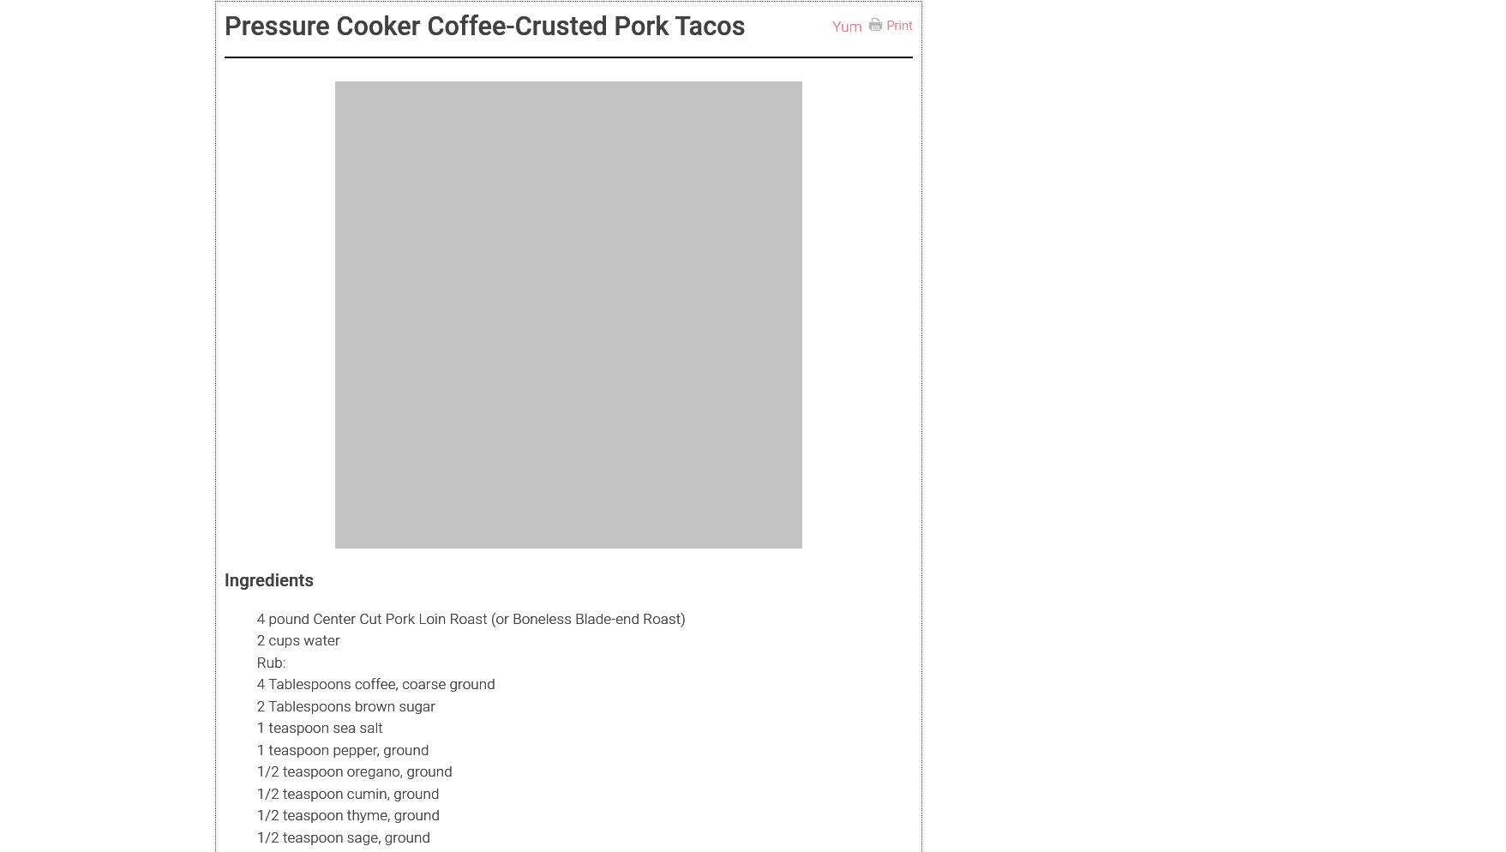 This screenshot has height=852, width=1506. What do you see at coordinates (346, 793) in the screenshot?
I see `'1/2 teaspoon cumin, ground'` at bounding box center [346, 793].